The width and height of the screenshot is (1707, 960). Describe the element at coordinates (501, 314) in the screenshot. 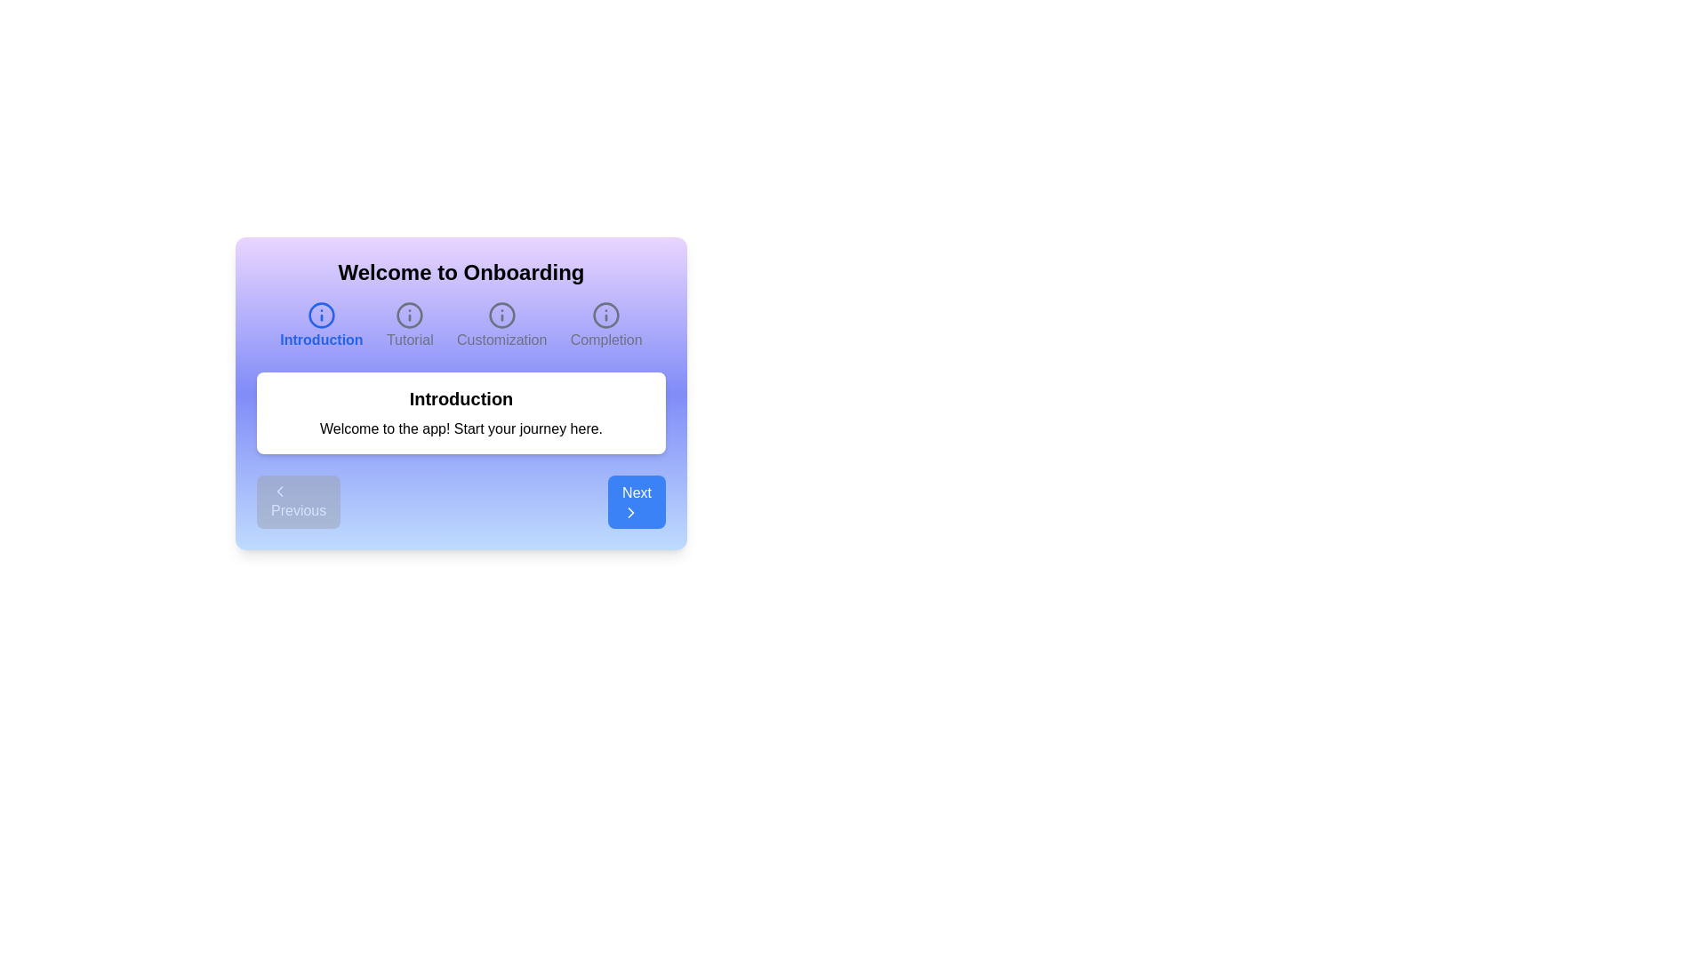

I see `the third icon in the navigation bar that represents a stage in the onboarding process, located centrally between the 'Tutorial' and 'Completion' icons` at that location.